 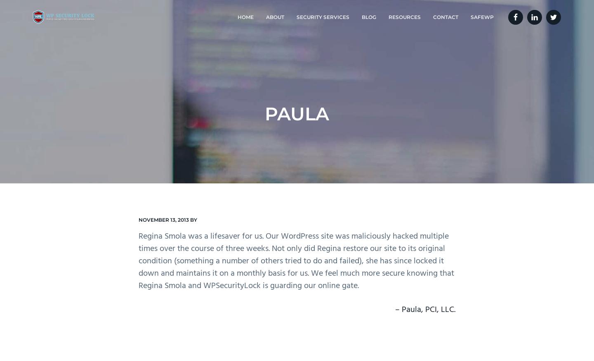 I want to click on 'SSL Conversion Service (HTTP to HTTPS)', so click(x=321, y=119).